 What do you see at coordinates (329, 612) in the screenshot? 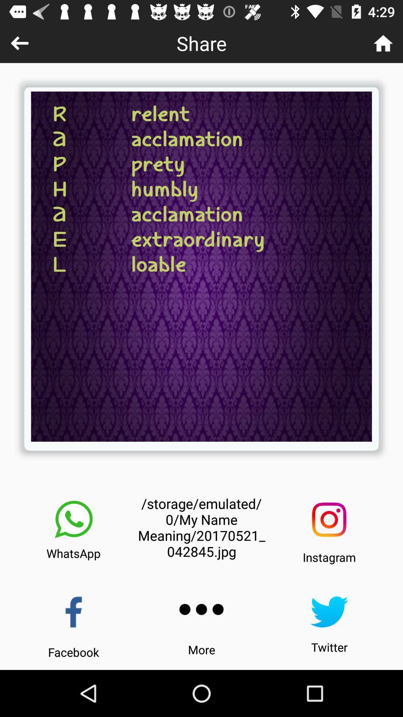
I see `share on twitter` at bounding box center [329, 612].